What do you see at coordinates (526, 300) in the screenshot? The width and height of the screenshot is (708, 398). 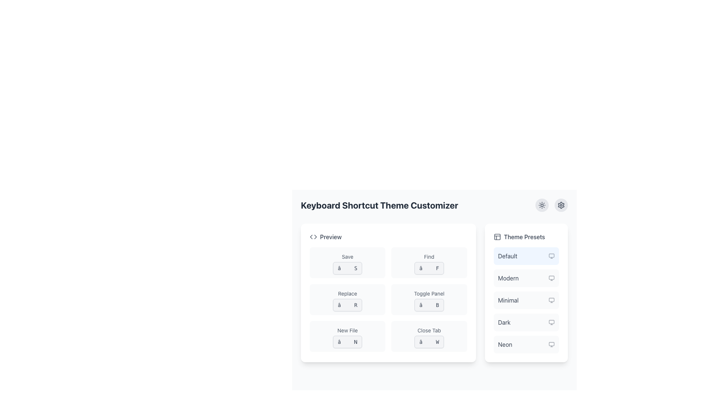 I see `the third selectable option labeled 'Minimal' in the 'Theme Presets' list` at bounding box center [526, 300].